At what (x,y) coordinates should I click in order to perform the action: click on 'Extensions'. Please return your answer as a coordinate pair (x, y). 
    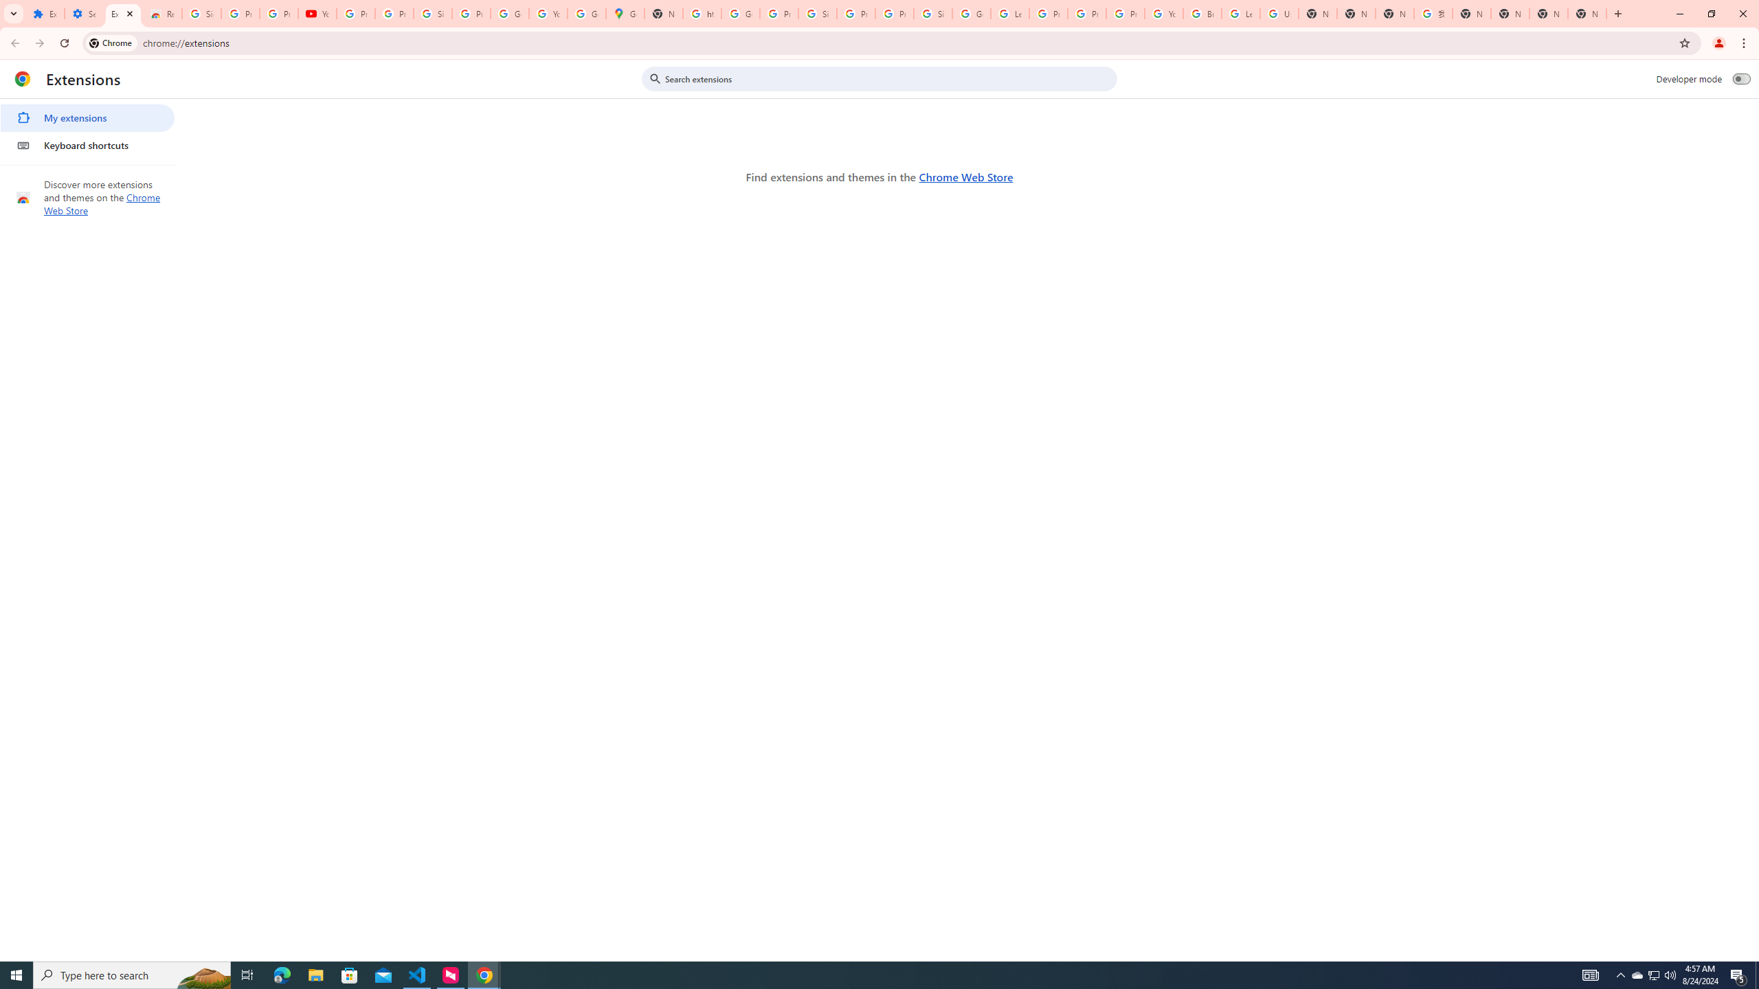
    Looking at the image, I should click on (123, 13).